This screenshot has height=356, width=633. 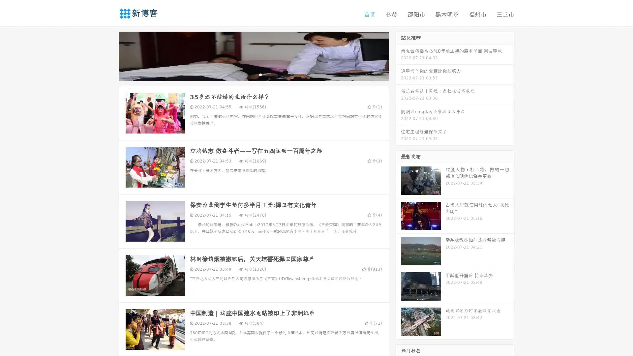 I want to click on Go to slide 3, so click(x=260, y=74).